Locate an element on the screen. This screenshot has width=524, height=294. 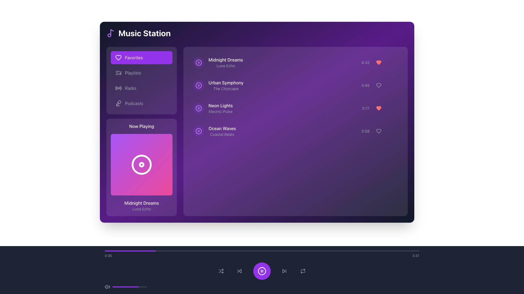
the volume control icon, which is a speaker shape with sound waves, located at the far left end of the playback control bar is located at coordinates (107, 286).